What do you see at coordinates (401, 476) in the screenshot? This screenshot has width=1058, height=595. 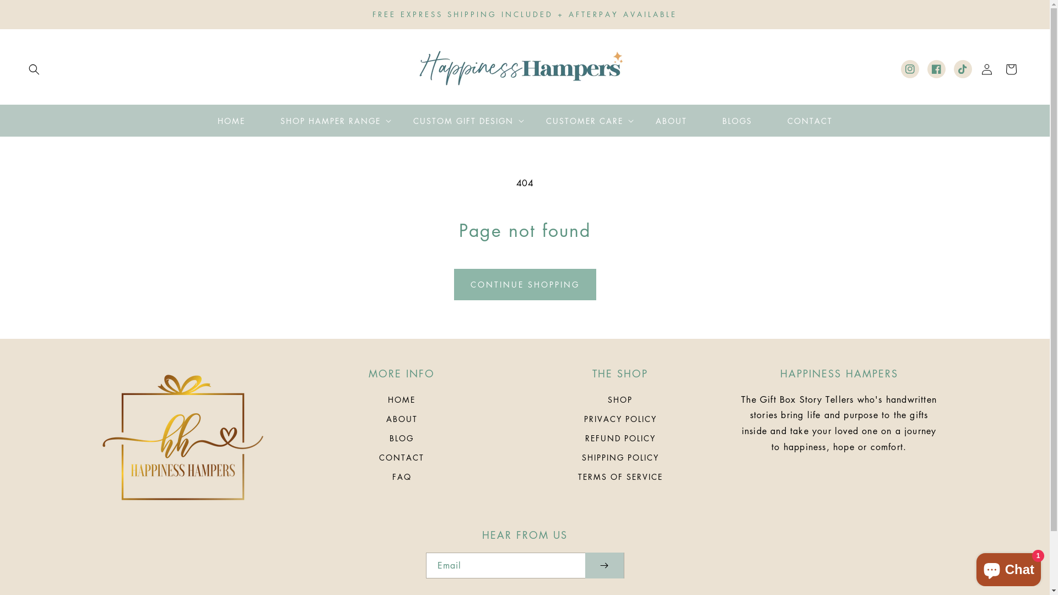 I see `'FAQ'` at bounding box center [401, 476].